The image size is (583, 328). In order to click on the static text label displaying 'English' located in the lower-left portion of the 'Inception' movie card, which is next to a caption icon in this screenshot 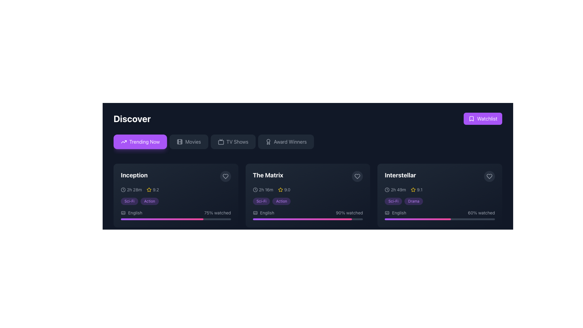, I will do `click(135, 213)`.